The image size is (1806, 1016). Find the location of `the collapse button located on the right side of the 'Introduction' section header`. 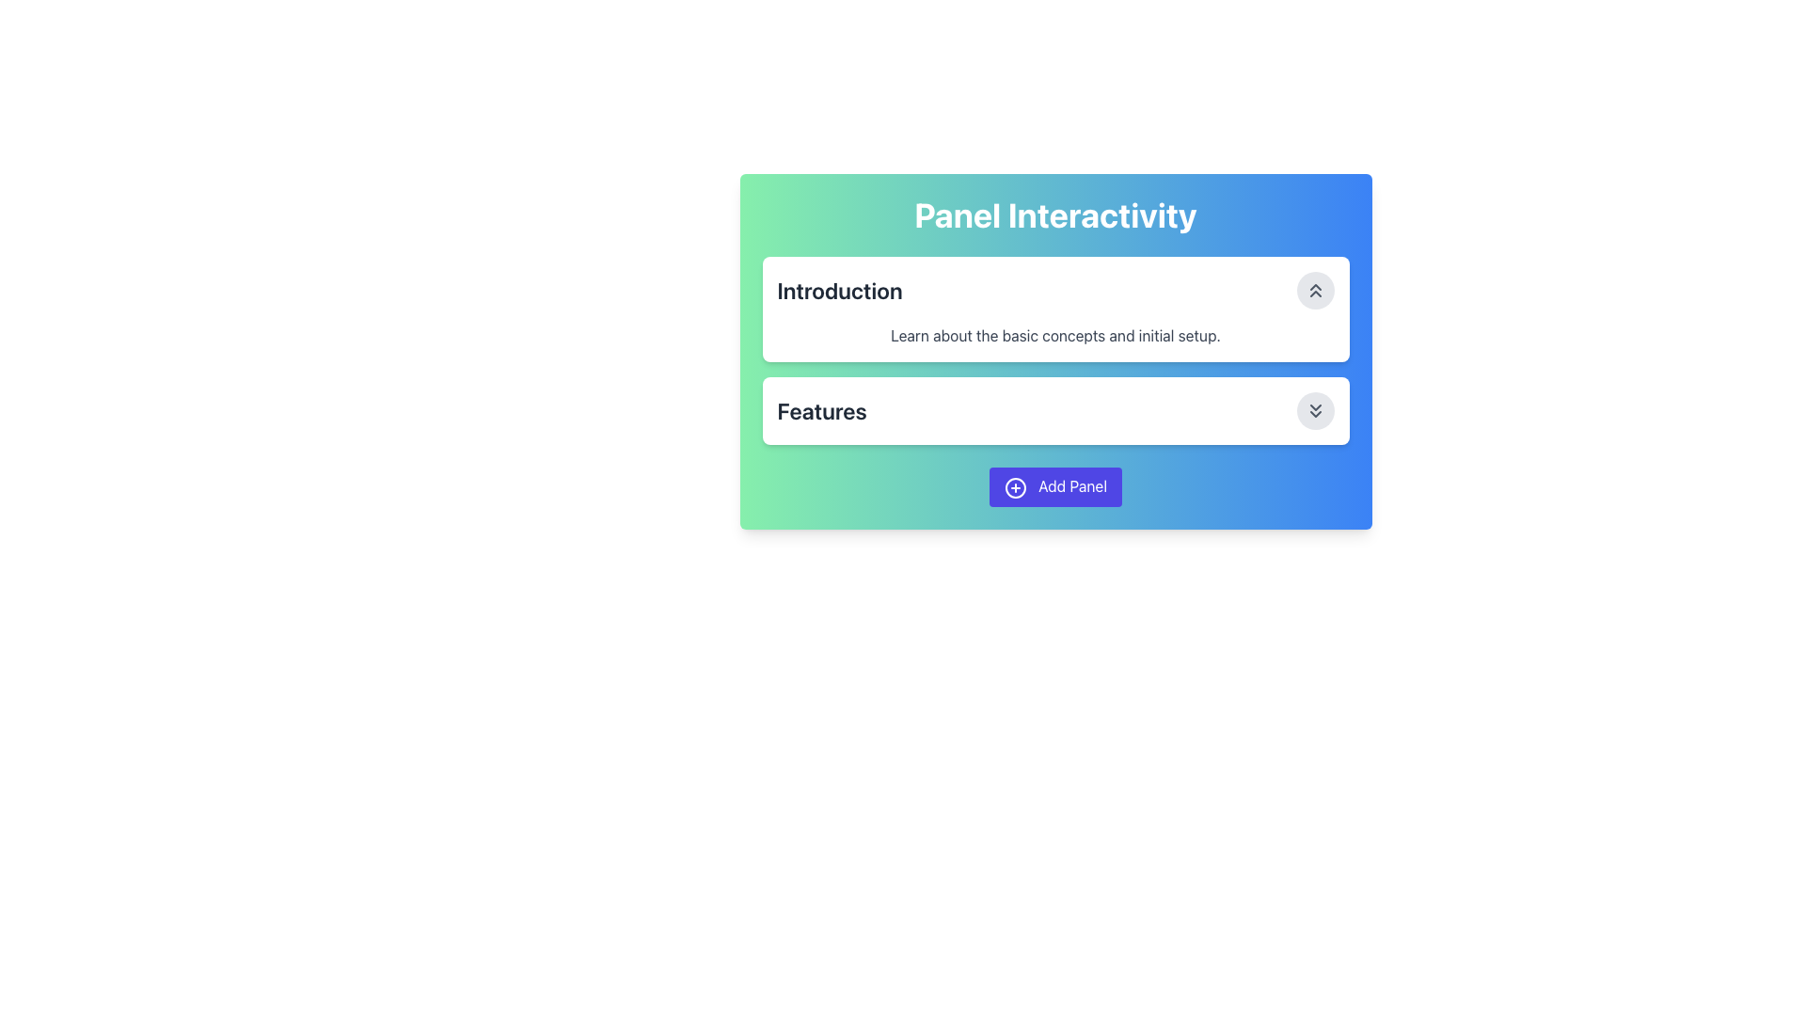

the collapse button located on the right side of the 'Introduction' section header is located at coordinates (1314, 290).